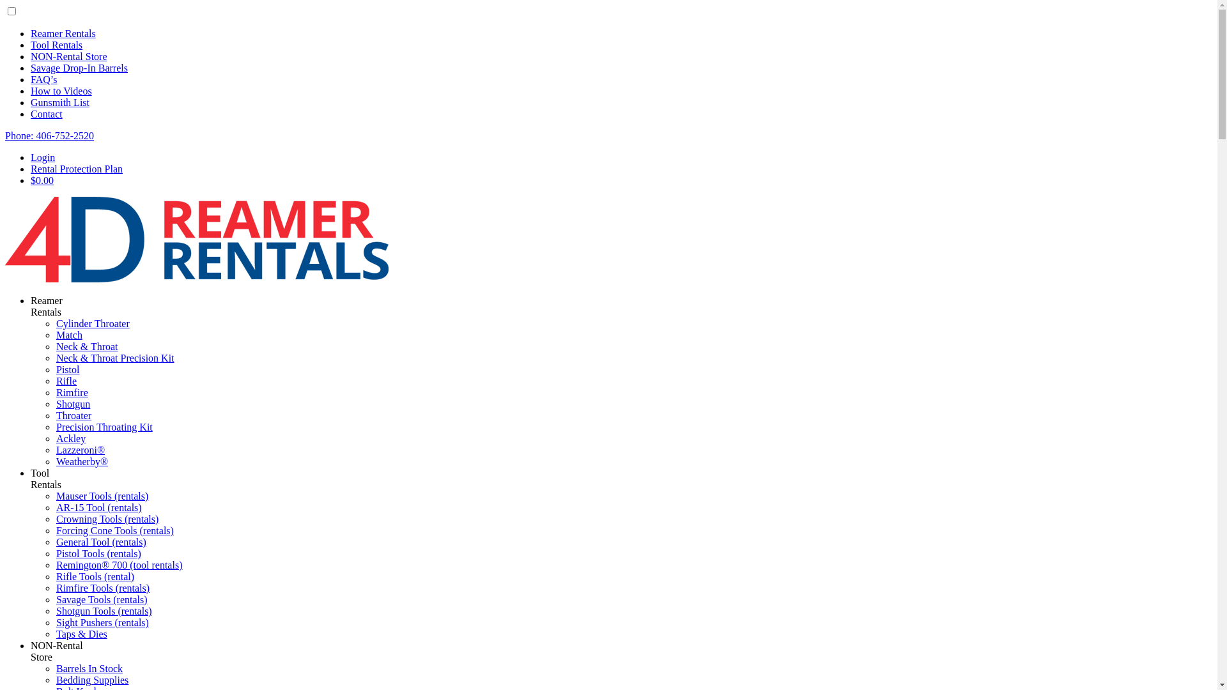  What do you see at coordinates (92, 323) in the screenshot?
I see `'Cylinder Throater'` at bounding box center [92, 323].